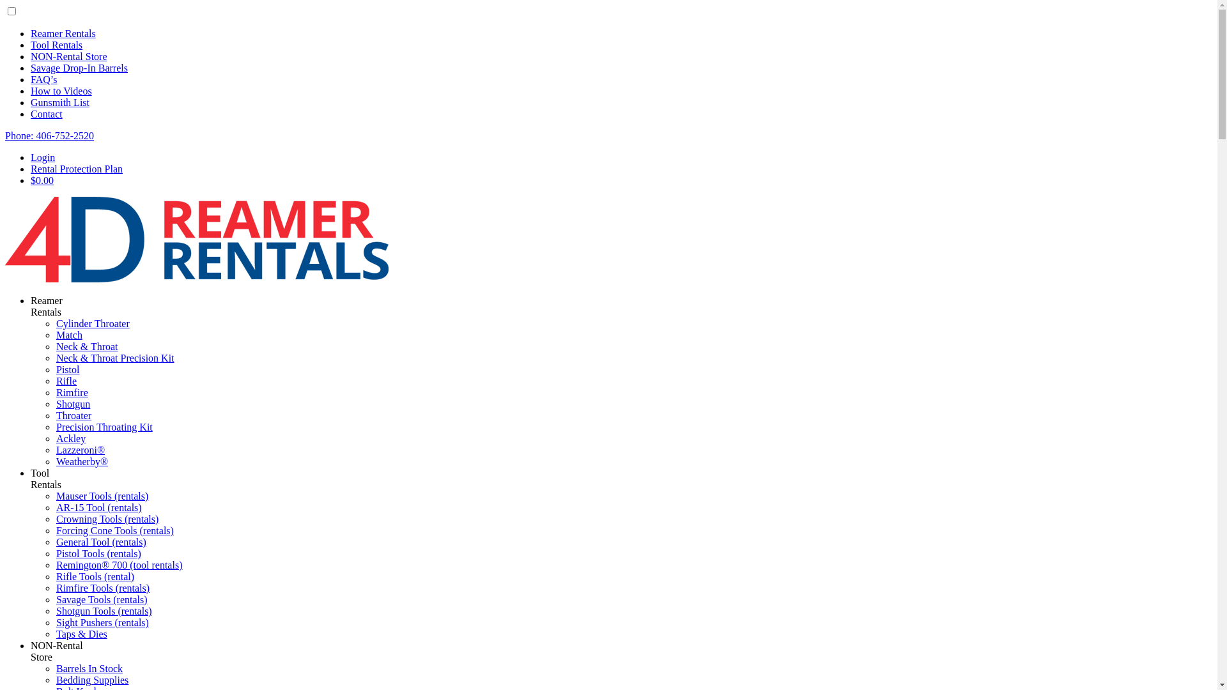  What do you see at coordinates (92, 323) in the screenshot?
I see `'Cylinder Throater'` at bounding box center [92, 323].